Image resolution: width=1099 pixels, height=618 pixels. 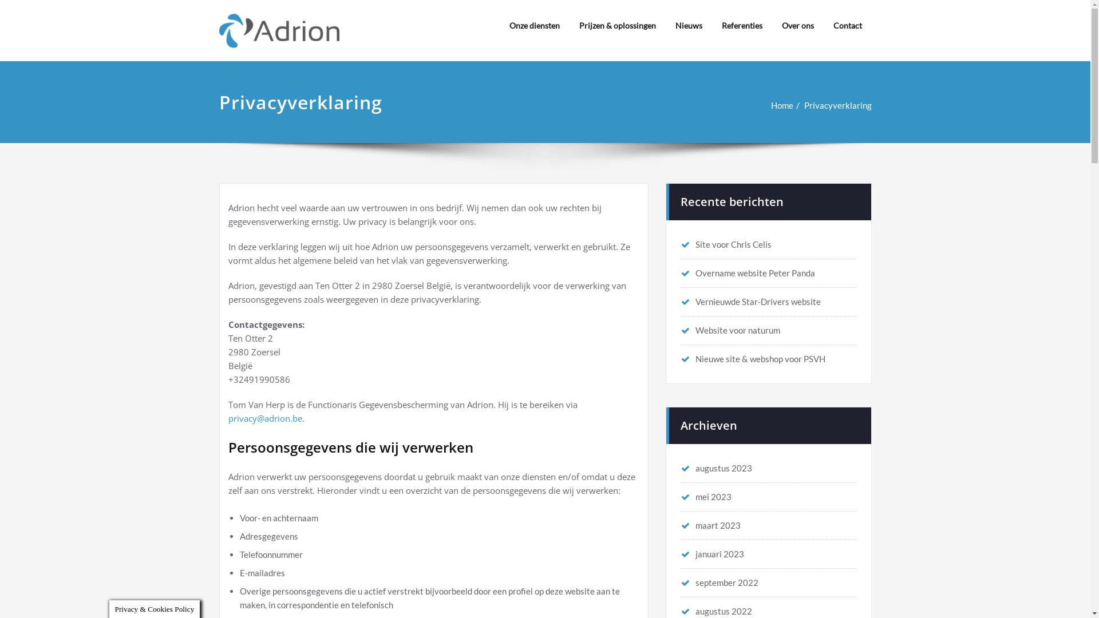 What do you see at coordinates (747, 273) in the screenshot?
I see `'Overname website Peter Panda'` at bounding box center [747, 273].